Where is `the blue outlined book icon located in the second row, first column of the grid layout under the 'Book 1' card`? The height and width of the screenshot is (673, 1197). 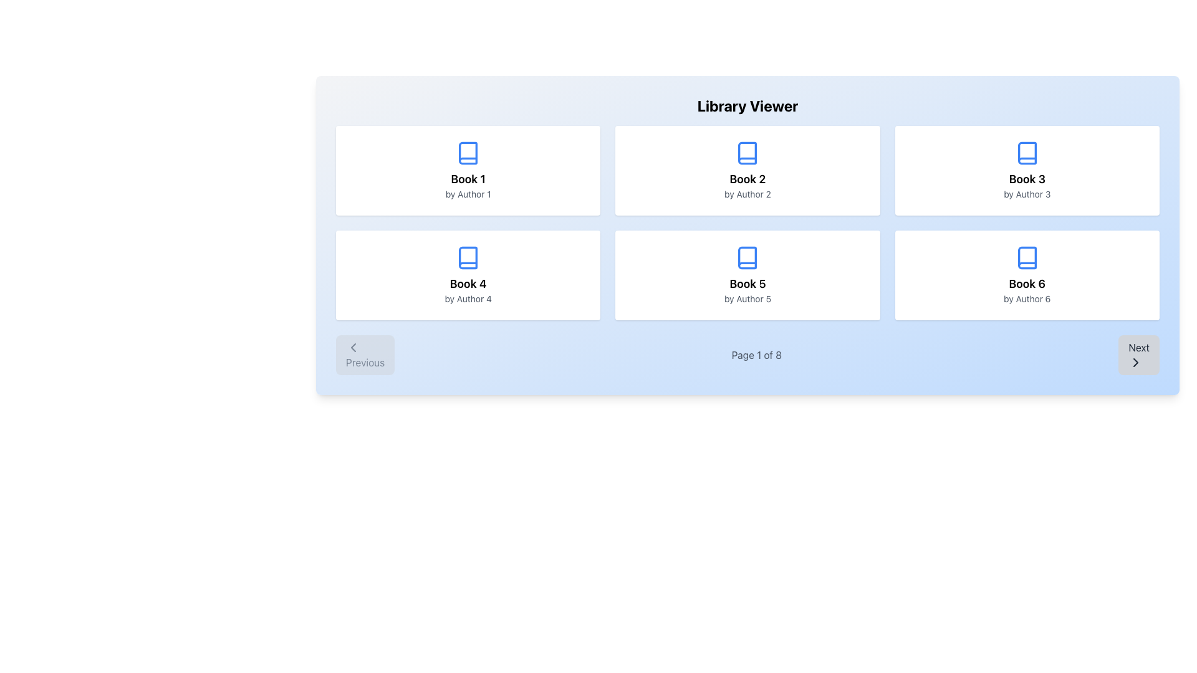
the blue outlined book icon located in the second row, first column of the grid layout under the 'Book 1' card is located at coordinates (468, 257).